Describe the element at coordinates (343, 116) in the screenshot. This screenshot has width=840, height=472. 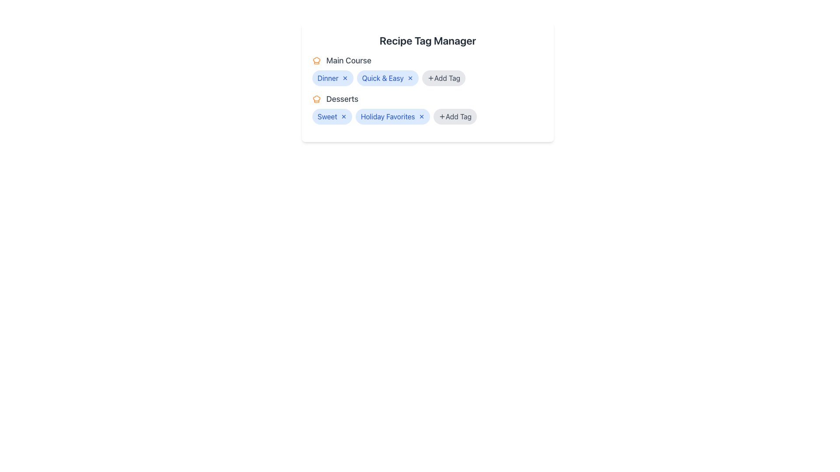
I see `the button` at that location.